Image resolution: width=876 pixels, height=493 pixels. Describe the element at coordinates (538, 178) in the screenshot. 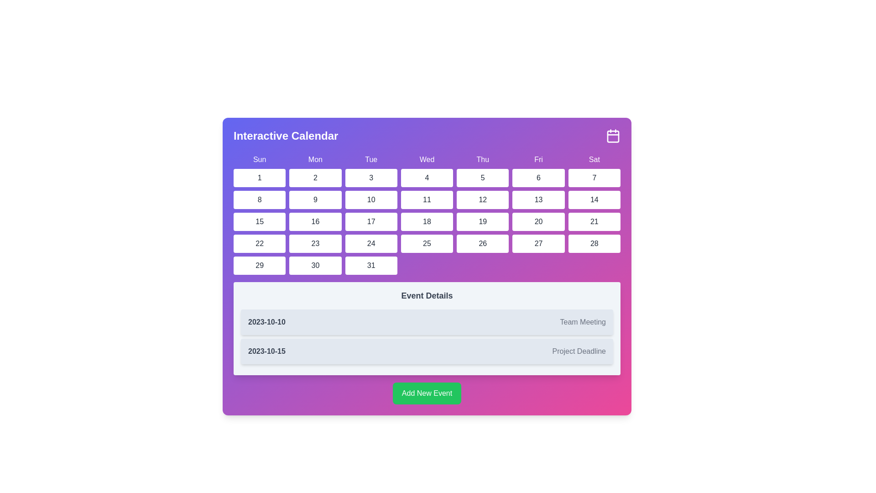

I see `the button displaying '6' in a bold dark-gray font within the calendar grid to trigger its hover styles` at that location.